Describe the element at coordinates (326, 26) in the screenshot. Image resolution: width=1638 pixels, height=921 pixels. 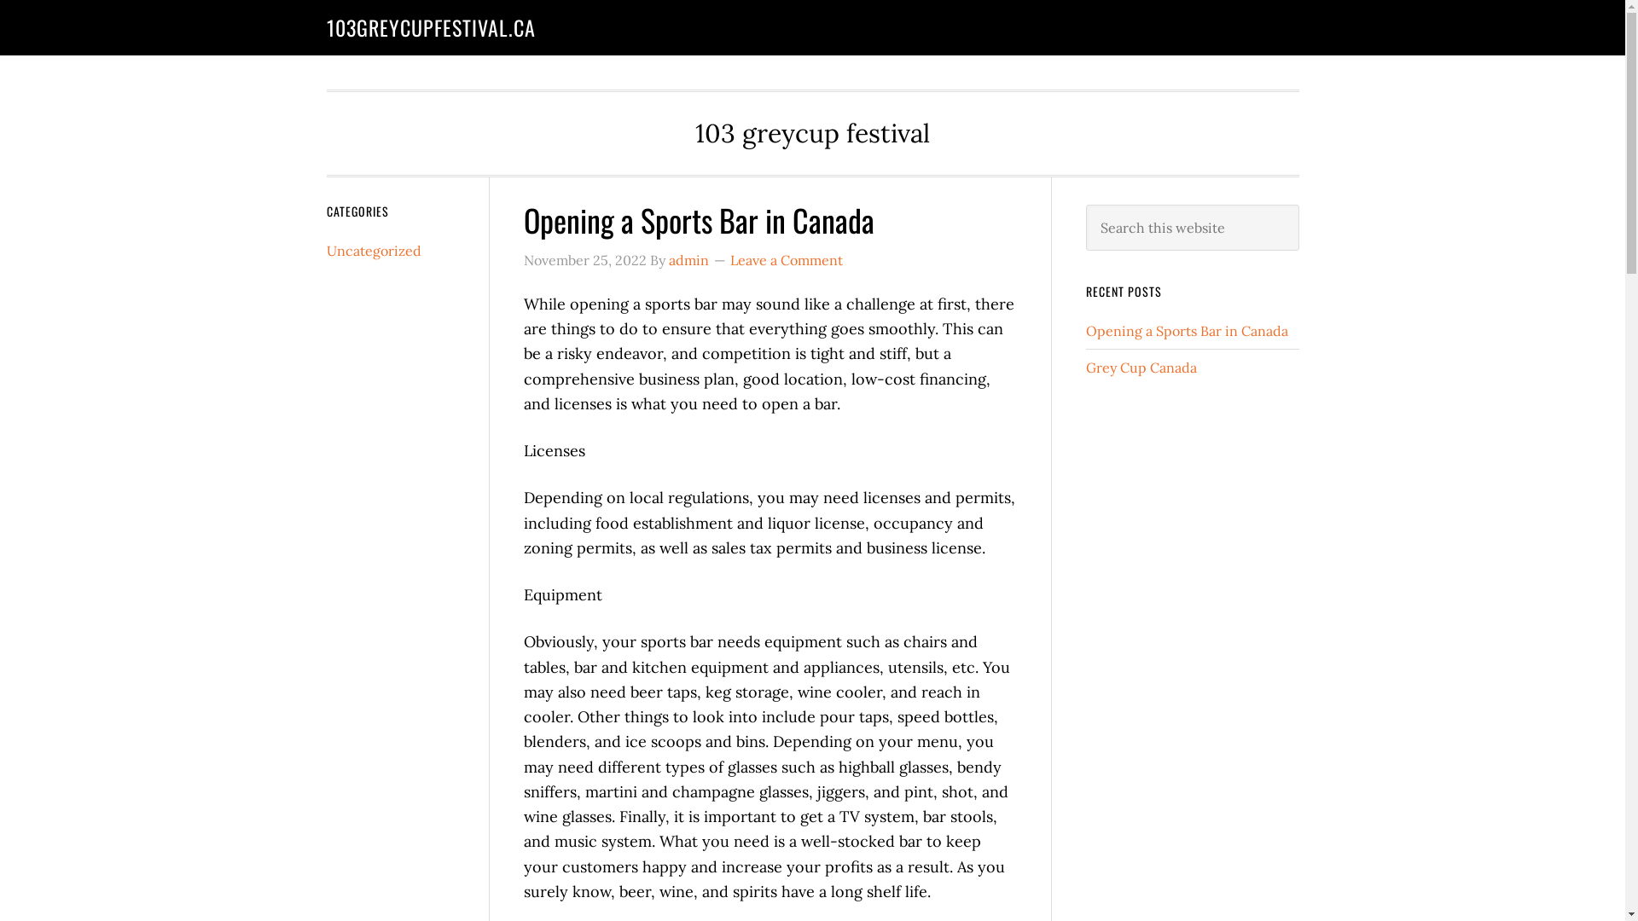
I see `'103GREYCUPFESTIVAL.CA'` at that location.